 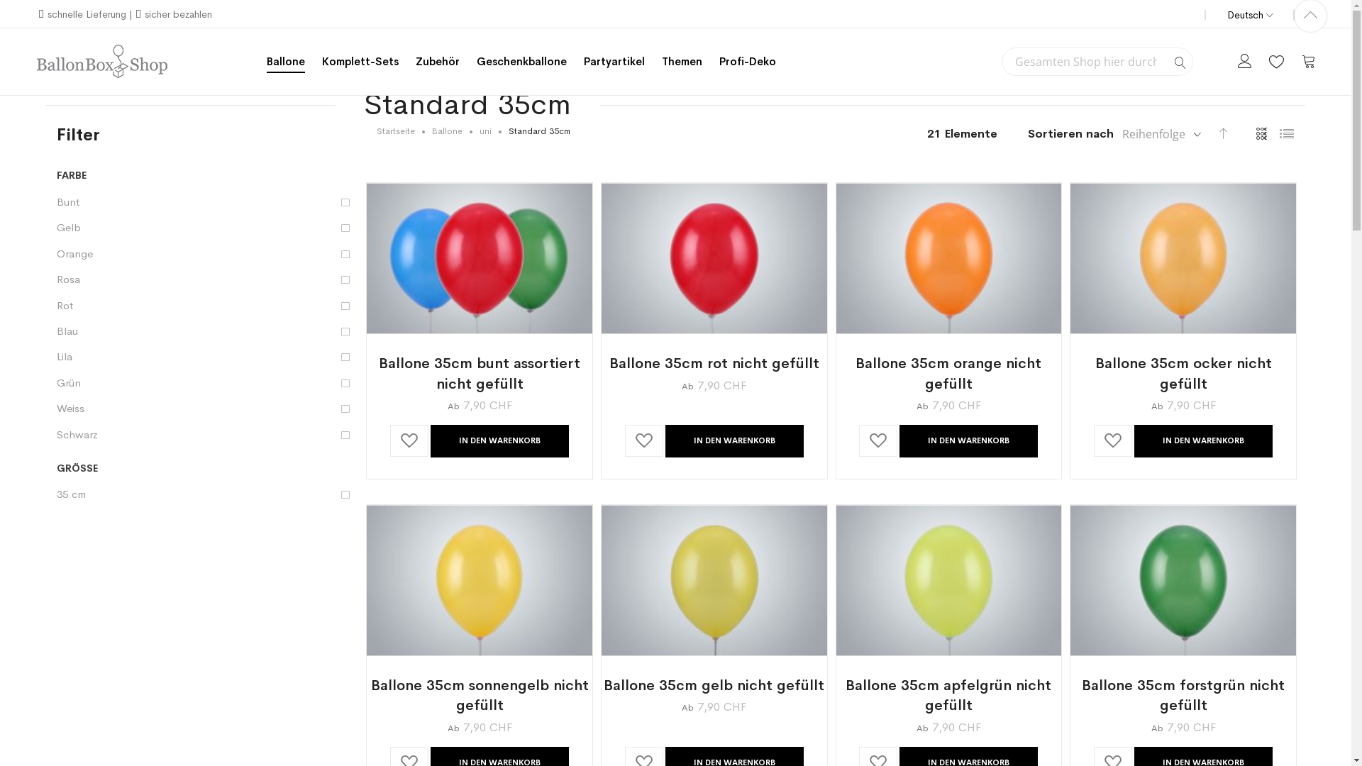 What do you see at coordinates (614, 60) in the screenshot?
I see `'Partyartikel'` at bounding box center [614, 60].